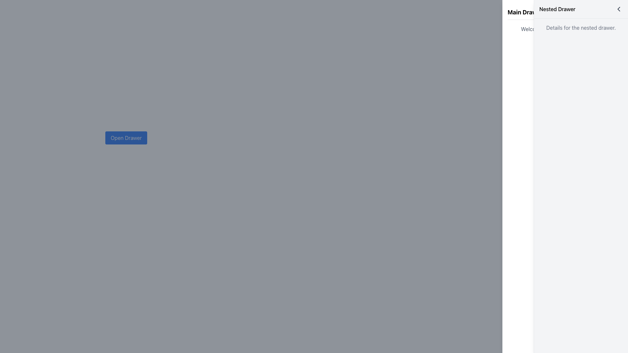 The height and width of the screenshot is (353, 628). What do you see at coordinates (557, 9) in the screenshot?
I see `the text label 'Nested Drawer', which is styled with a medium-sized bold font and has a black font color, located in the header of a side drawer interface` at bounding box center [557, 9].